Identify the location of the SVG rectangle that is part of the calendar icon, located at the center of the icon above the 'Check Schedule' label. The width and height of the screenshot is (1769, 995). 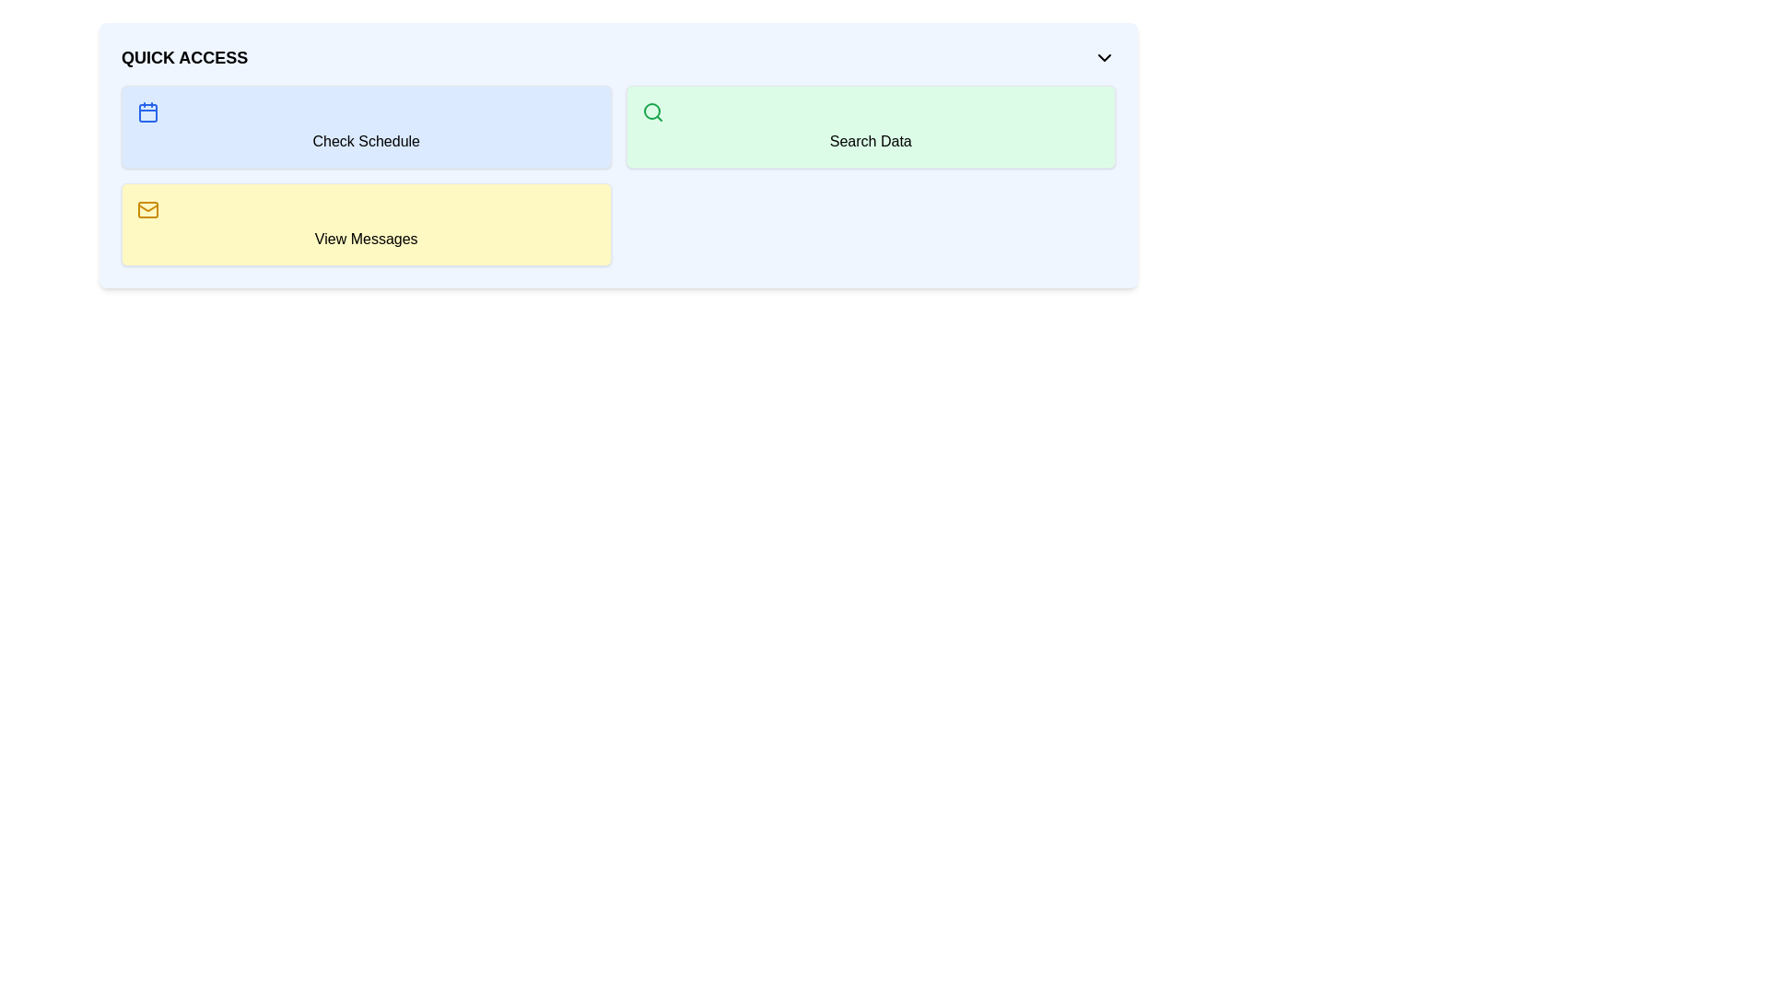
(148, 113).